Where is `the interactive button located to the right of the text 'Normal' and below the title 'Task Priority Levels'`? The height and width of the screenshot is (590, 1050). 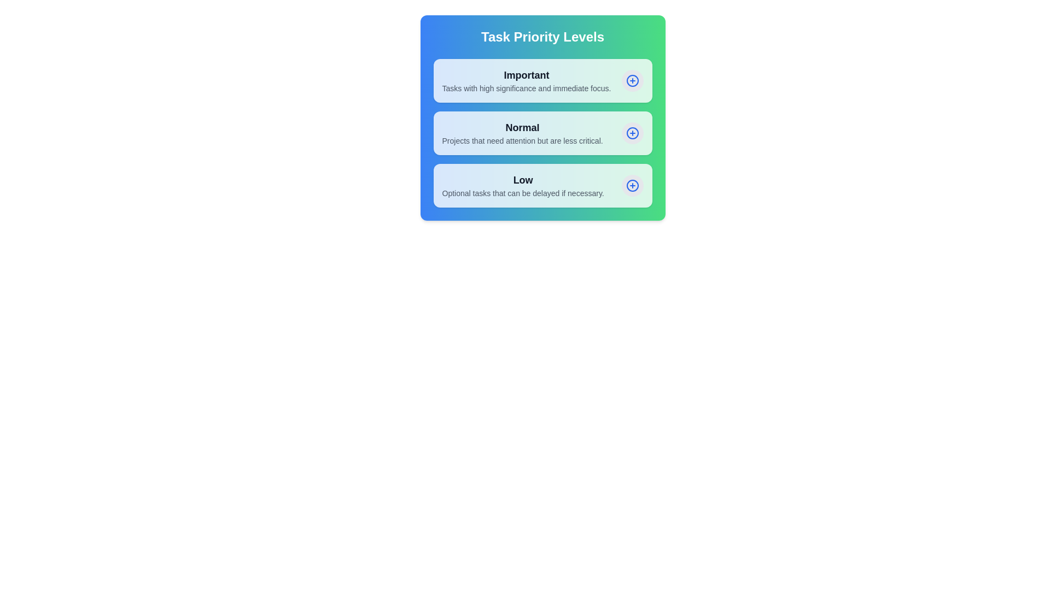 the interactive button located to the right of the text 'Normal' and below the title 'Task Priority Levels' is located at coordinates (632, 132).